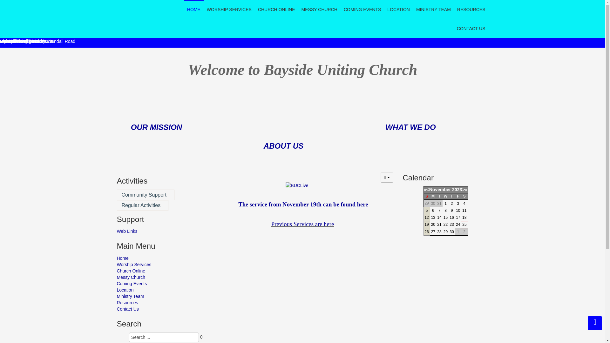 This screenshot has width=610, height=343. What do you see at coordinates (160, 290) in the screenshot?
I see `'Location'` at bounding box center [160, 290].